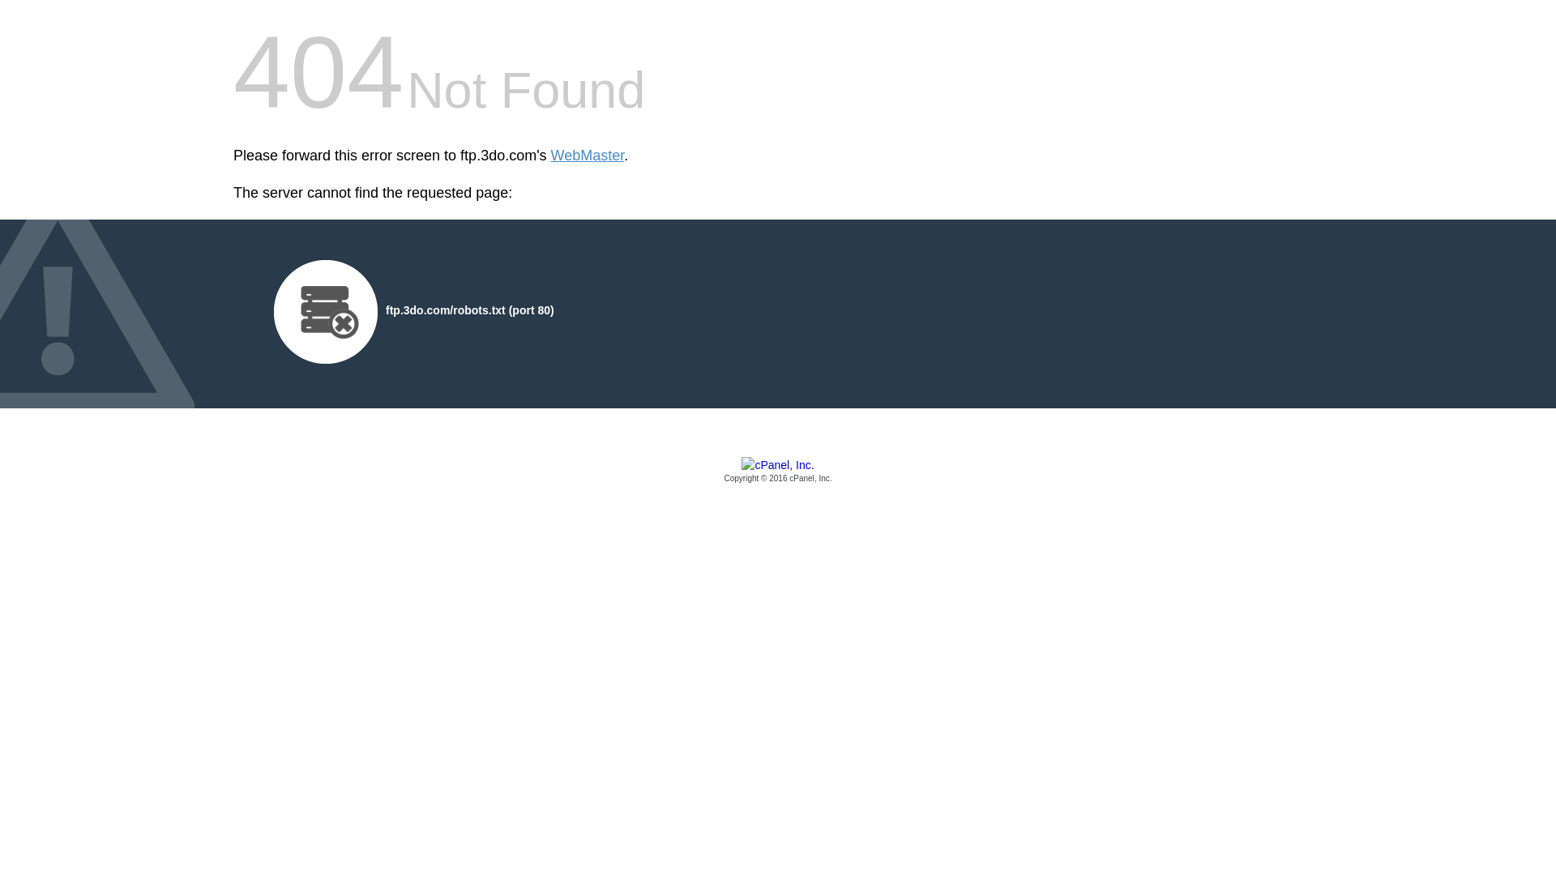  What do you see at coordinates (551, 156) in the screenshot?
I see `'WebMaster'` at bounding box center [551, 156].